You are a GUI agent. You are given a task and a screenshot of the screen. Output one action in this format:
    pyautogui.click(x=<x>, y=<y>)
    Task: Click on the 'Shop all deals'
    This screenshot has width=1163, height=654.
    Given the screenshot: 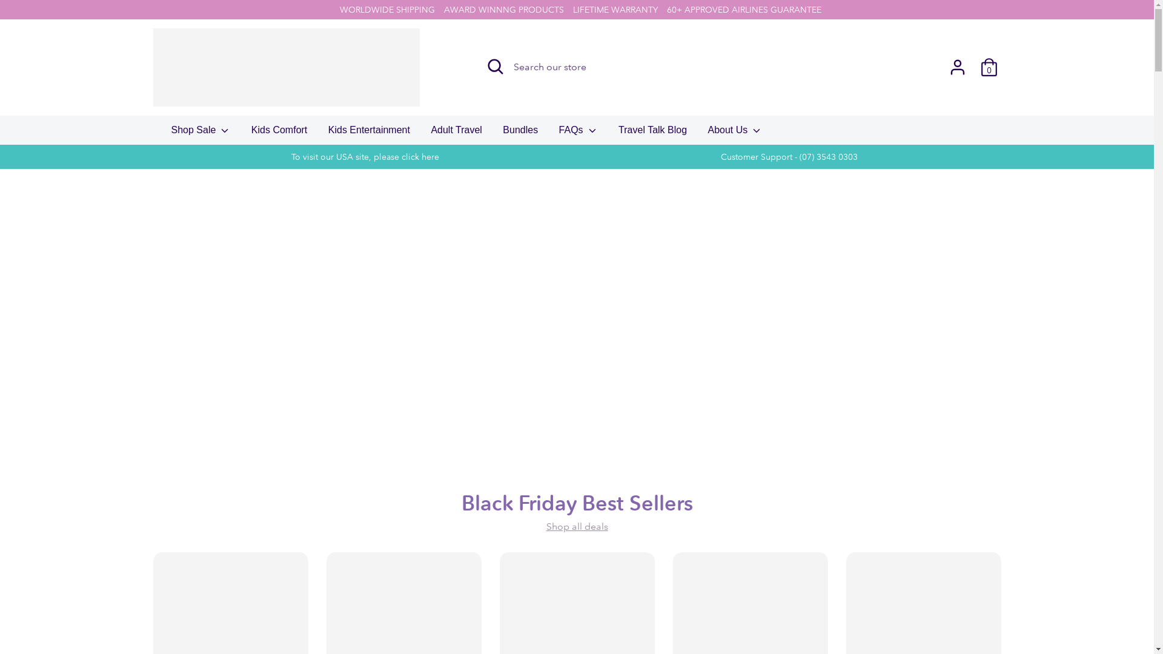 What is the action you would take?
    pyautogui.click(x=577, y=526)
    